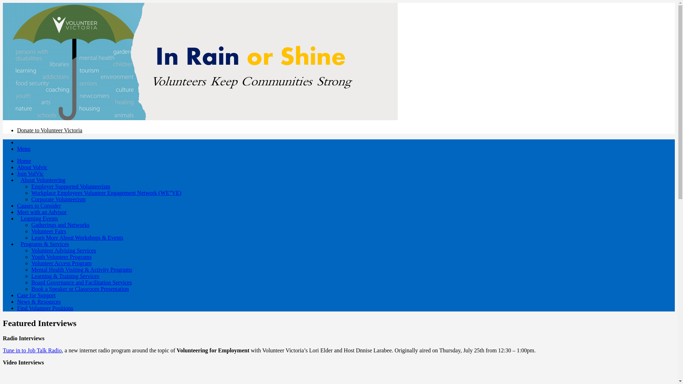  I want to click on 'Tune in to Job Talk Radio', so click(32, 350).